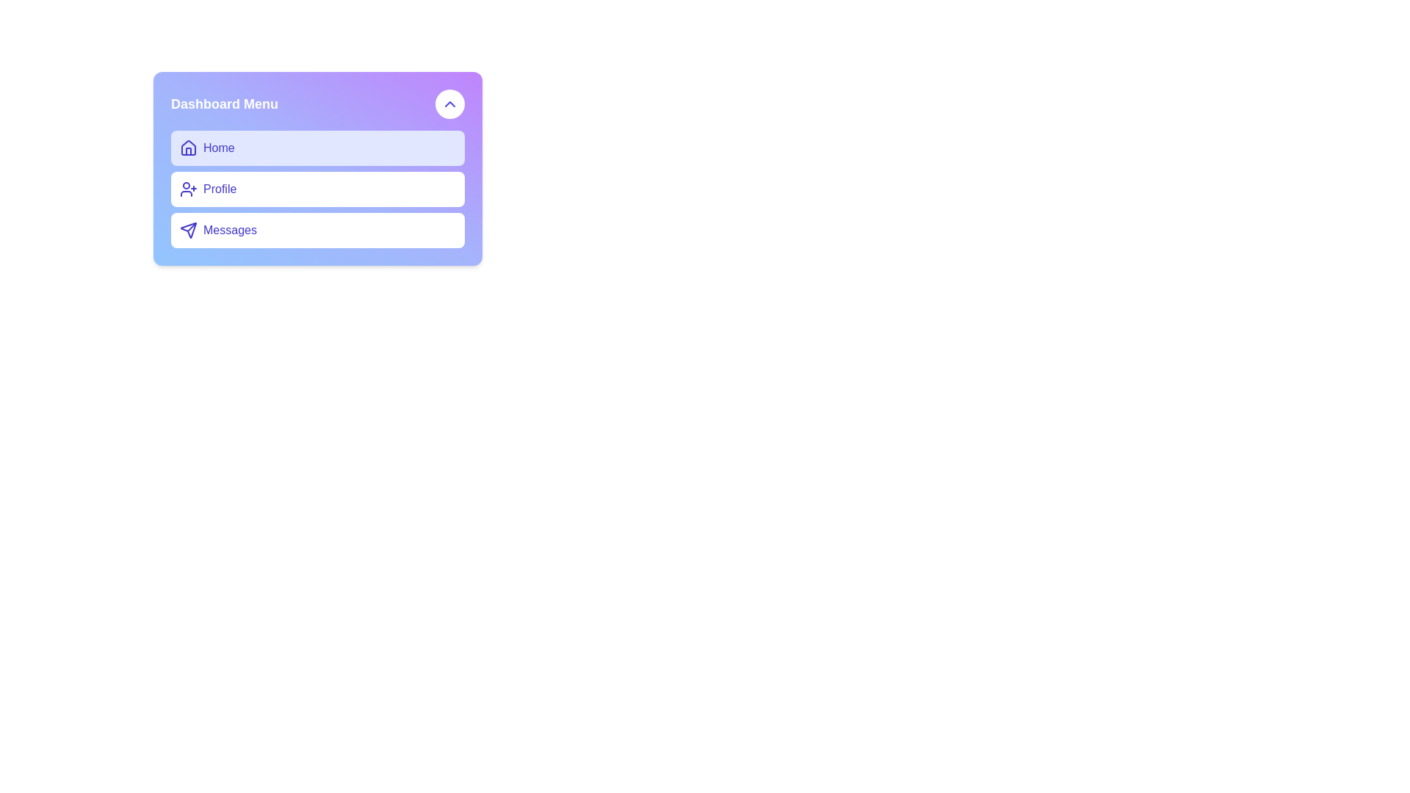 The image size is (1410, 793). I want to click on the circular button with a white background and a blue upward arrow icon located in the top-right corner of the Dashboard Menu, so click(449, 104).